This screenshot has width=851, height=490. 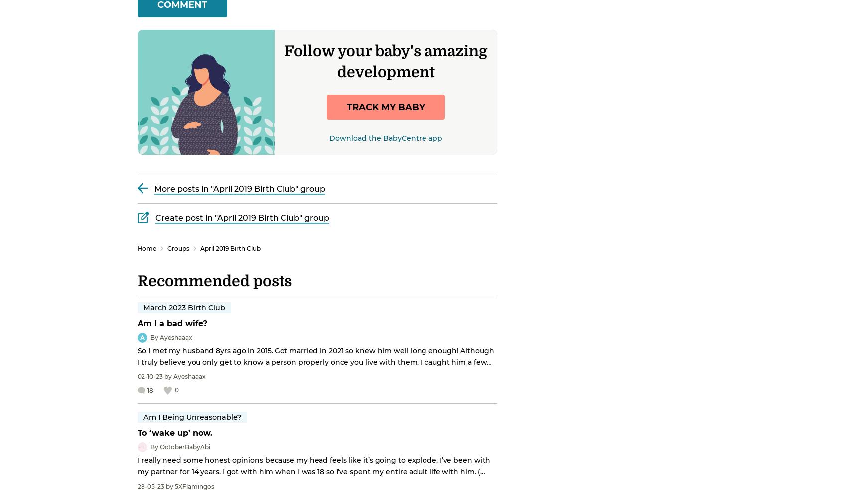 What do you see at coordinates (386, 107) in the screenshot?
I see `'track my baby'` at bounding box center [386, 107].